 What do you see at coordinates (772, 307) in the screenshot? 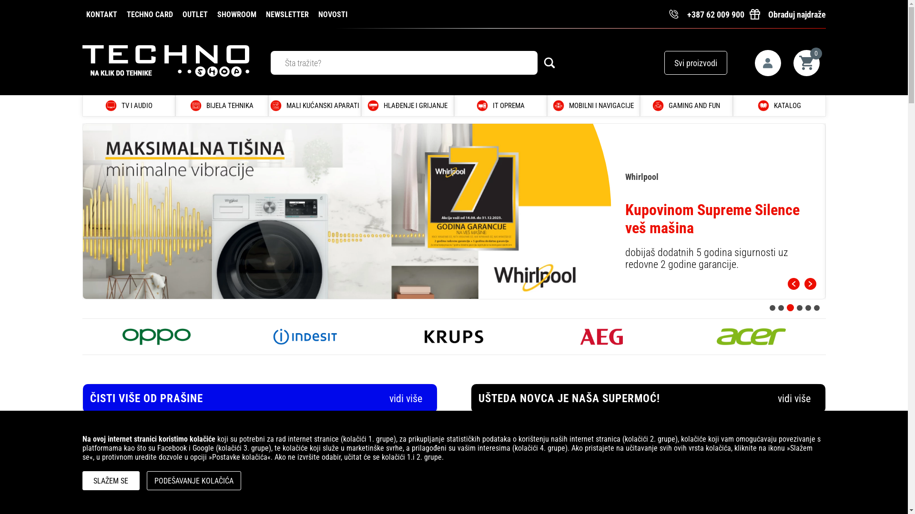
I see `'1'` at bounding box center [772, 307].